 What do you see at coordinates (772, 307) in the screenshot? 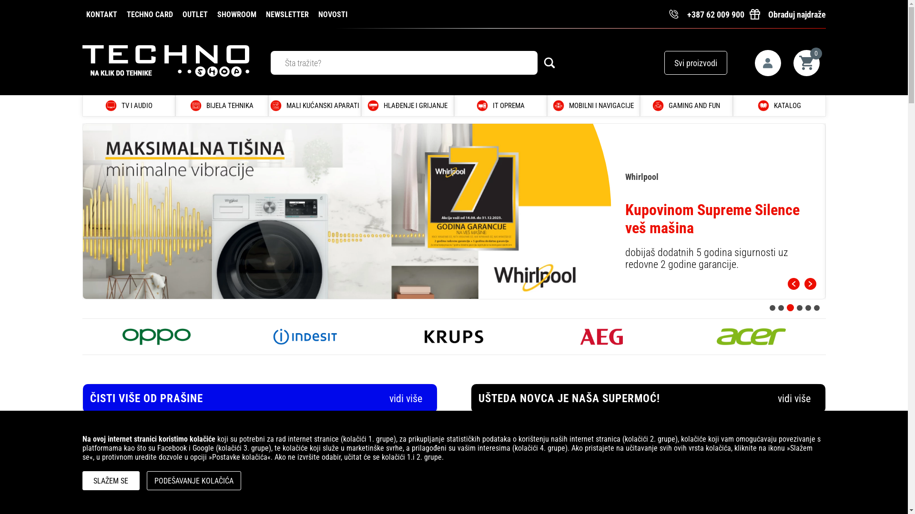
I see `'1'` at bounding box center [772, 307].